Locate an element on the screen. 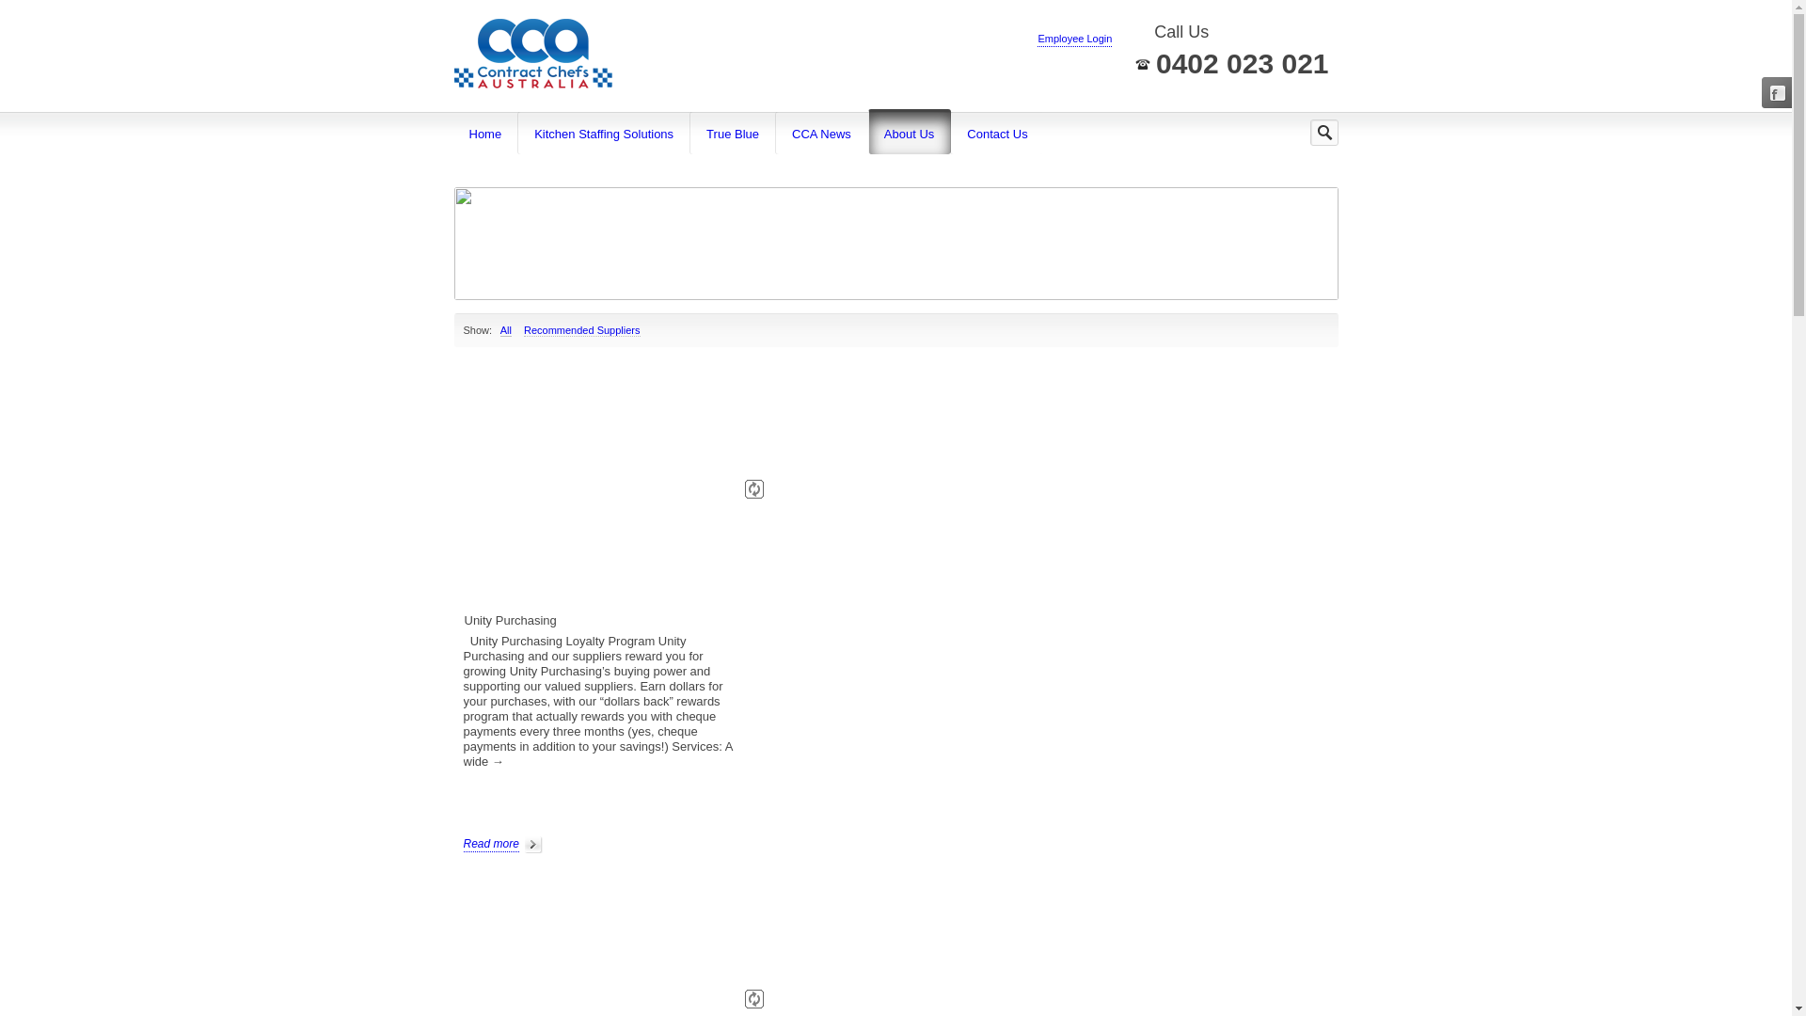  'Read more' is located at coordinates (501, 843).